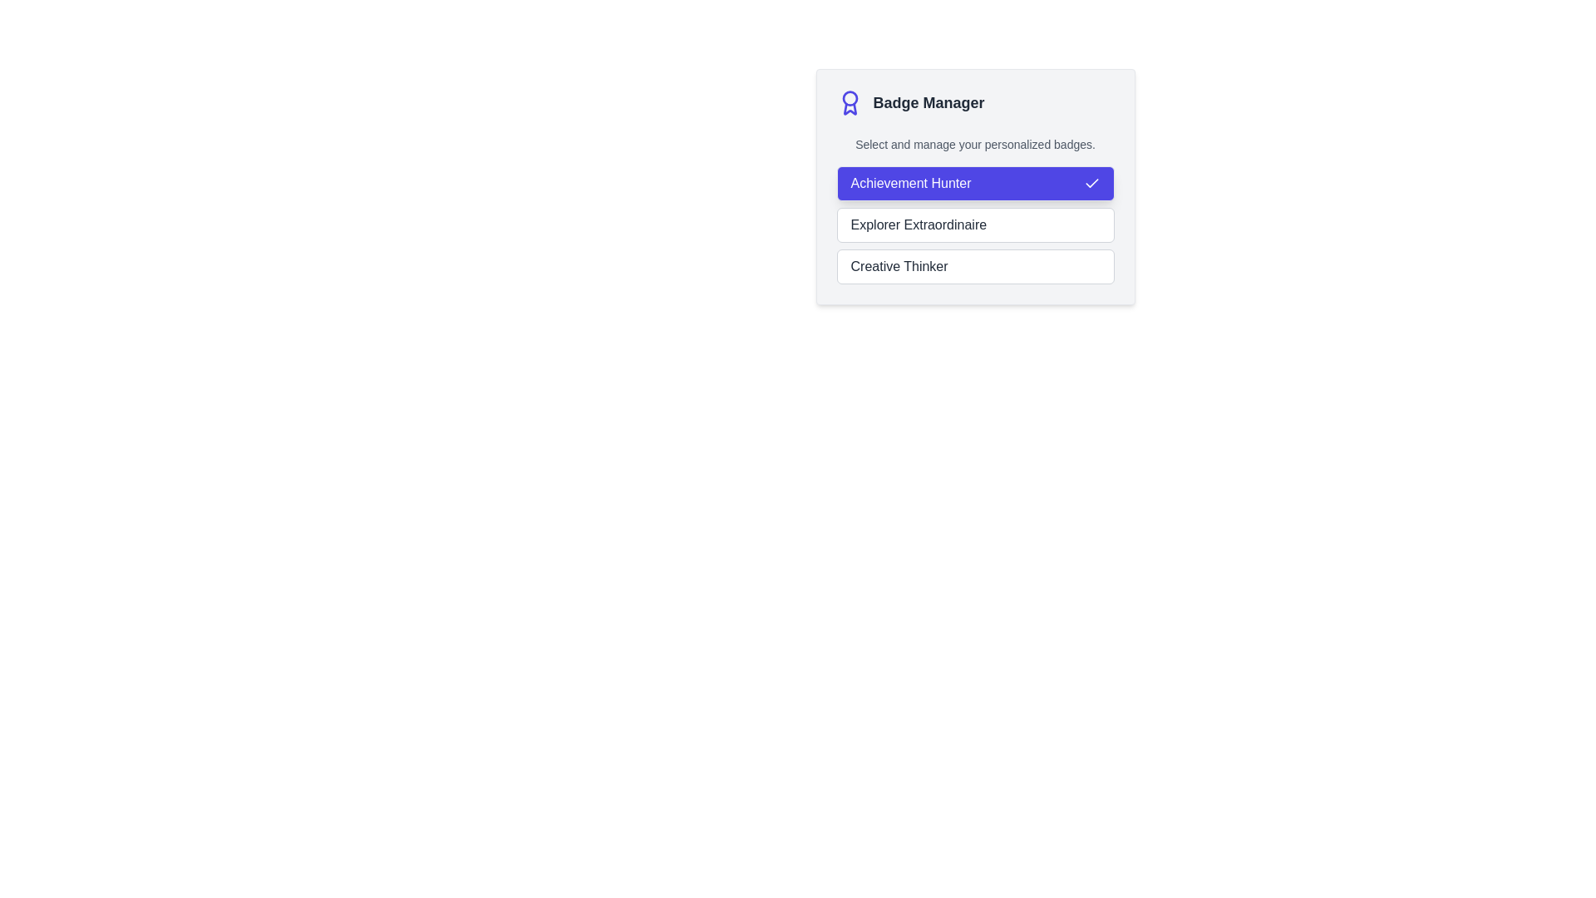  I want to click on the selectable button labeled 'Explorer Extraordinaire', so click(975, 224).